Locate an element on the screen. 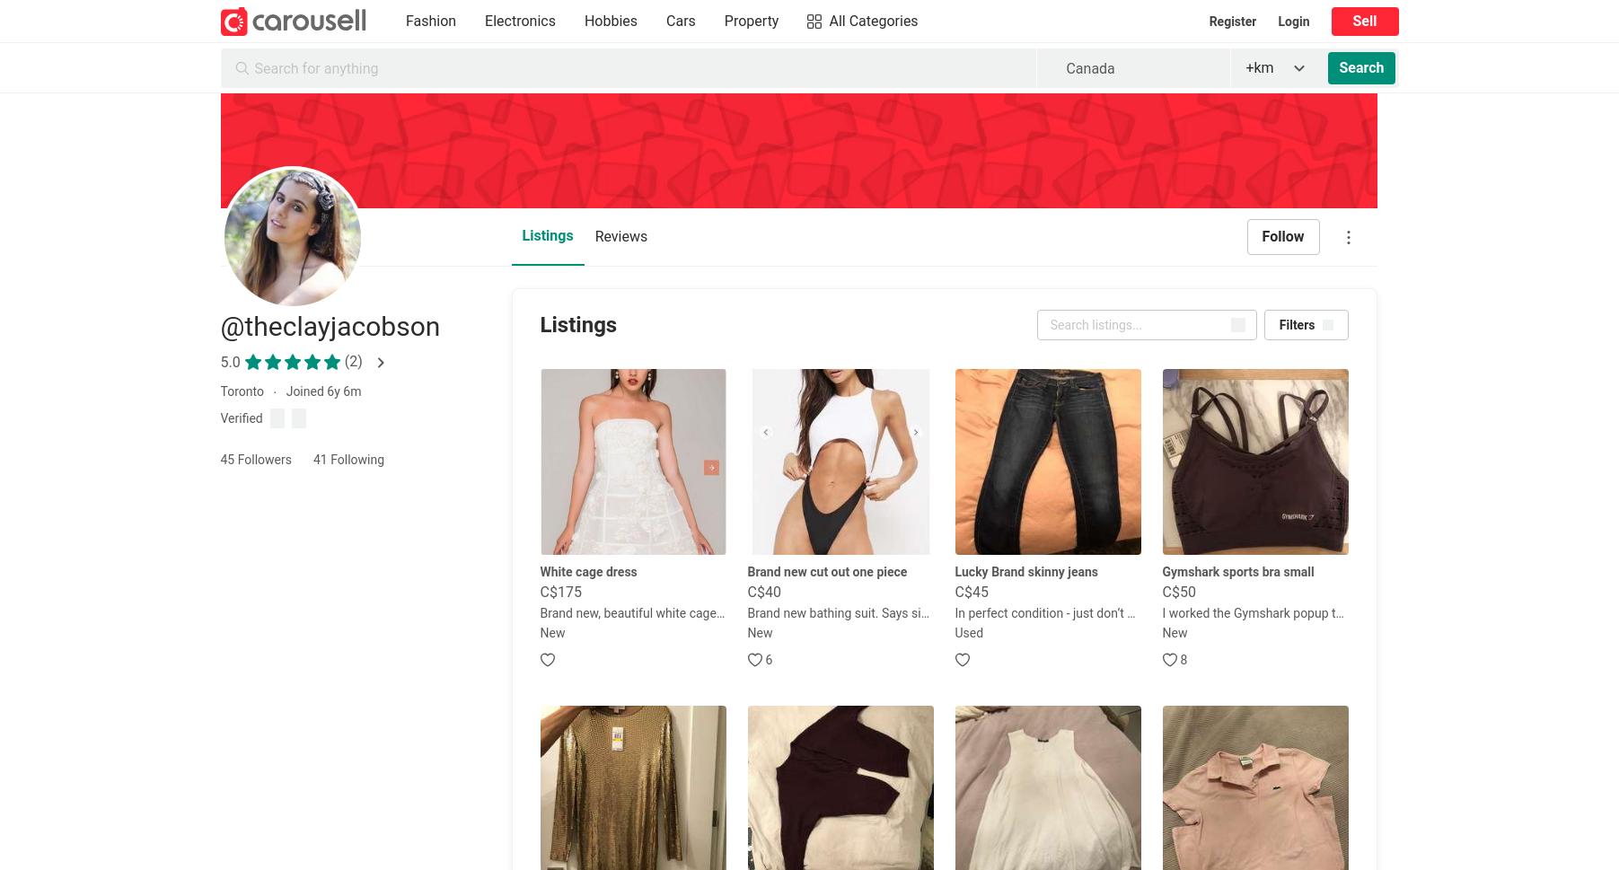 This screenshot has width=1619, height=870. 'Sell' is located at coordinates (1363, 21).